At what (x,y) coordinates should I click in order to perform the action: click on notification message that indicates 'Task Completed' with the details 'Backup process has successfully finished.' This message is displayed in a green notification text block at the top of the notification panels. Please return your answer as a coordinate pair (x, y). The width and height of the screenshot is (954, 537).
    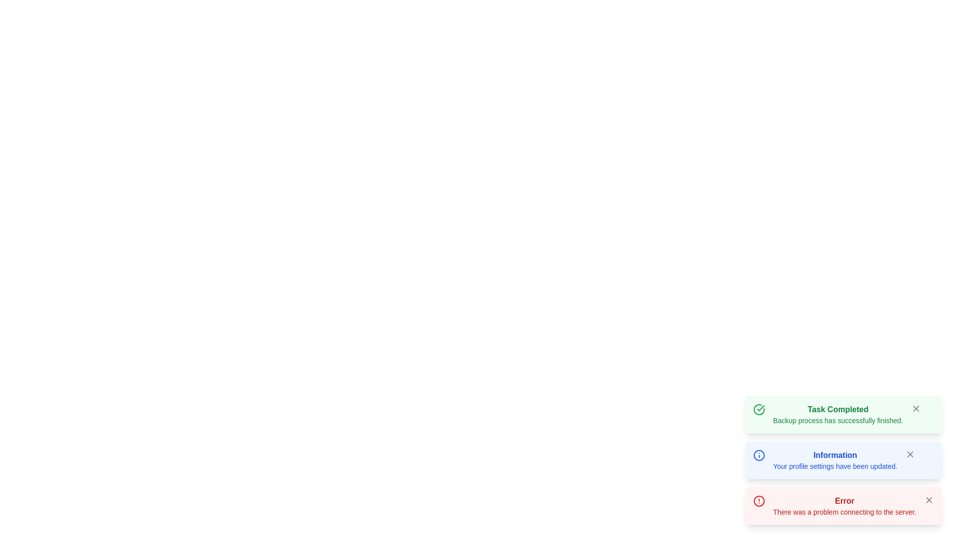
    Looking at the image, I should click on (837, 414).